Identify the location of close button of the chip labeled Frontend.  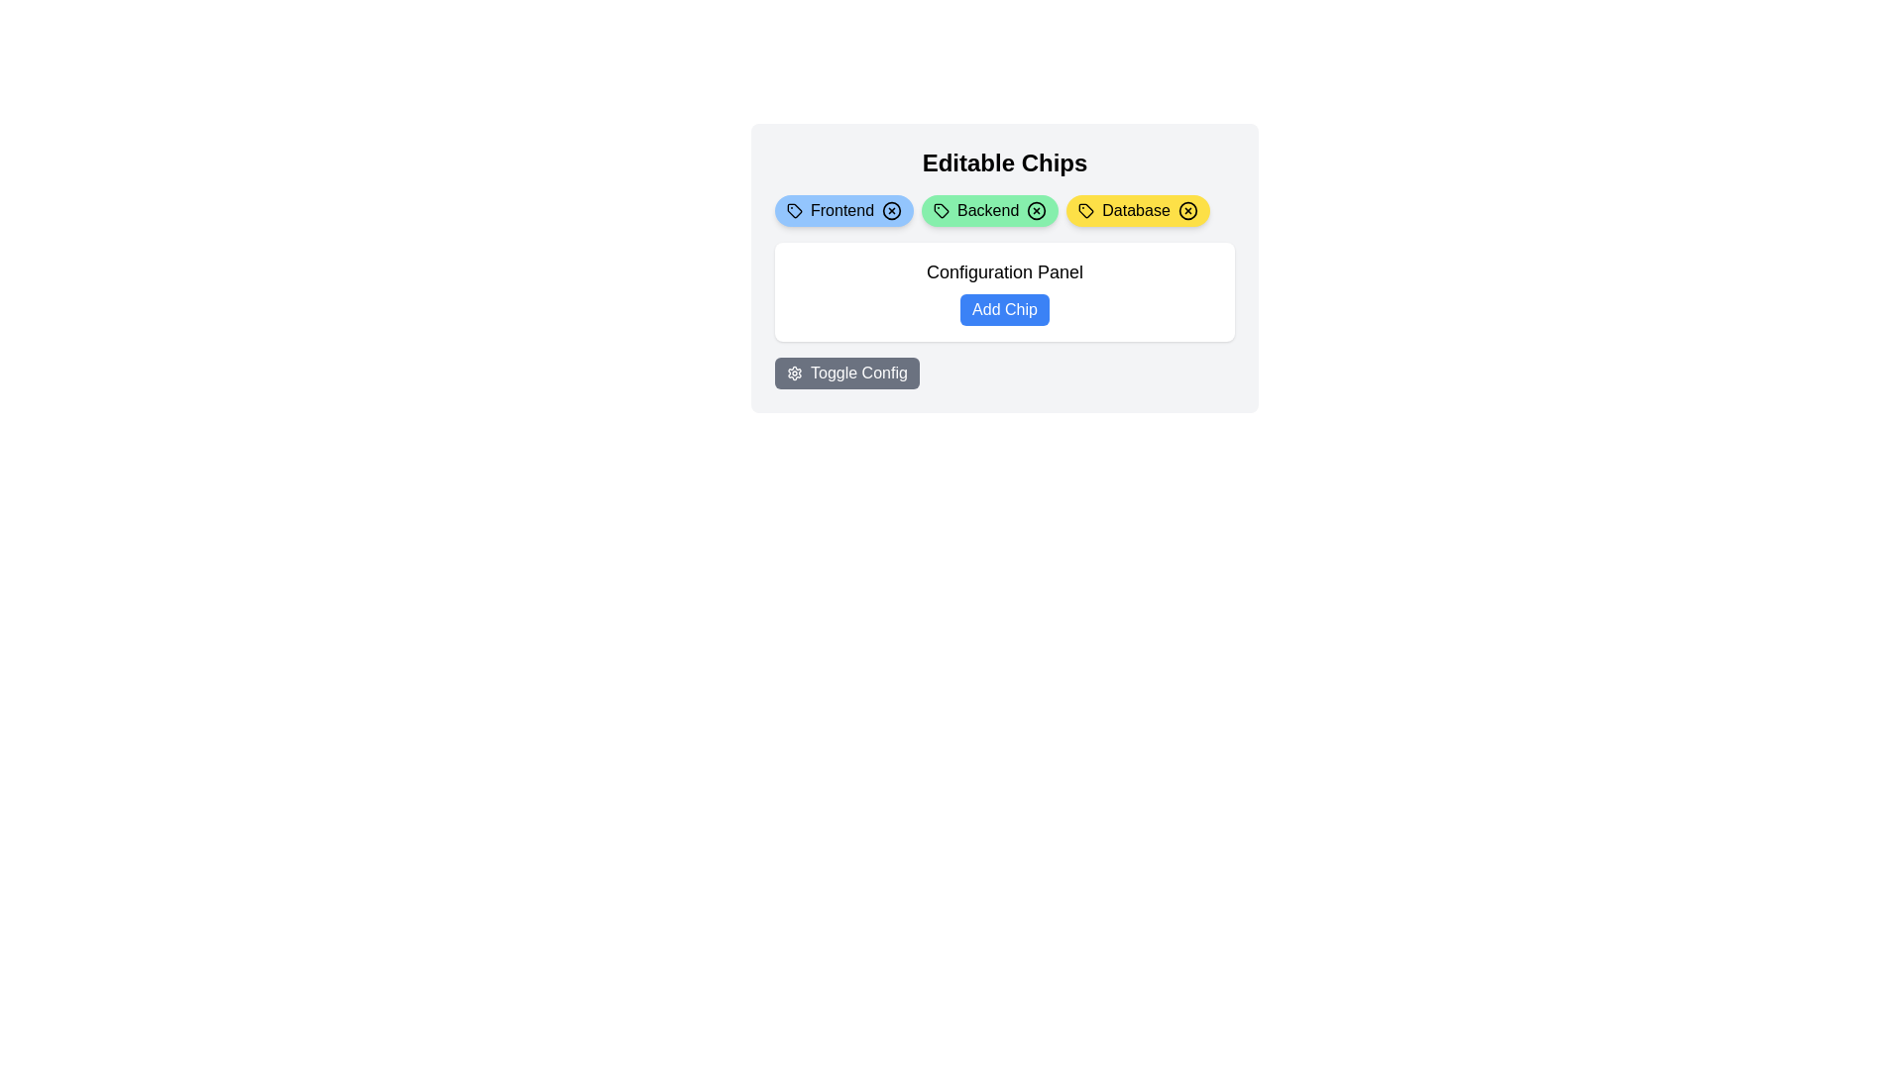
(891, 210).